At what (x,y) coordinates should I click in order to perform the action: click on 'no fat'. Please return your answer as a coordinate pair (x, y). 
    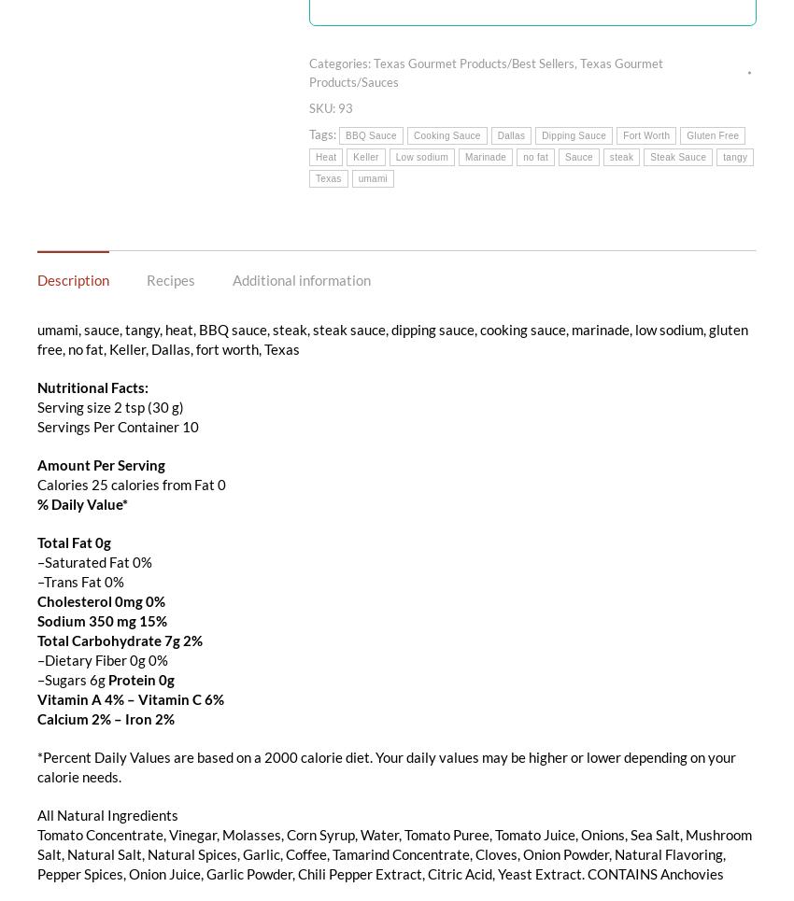
    Looking at the image, I should click on (534, 155).